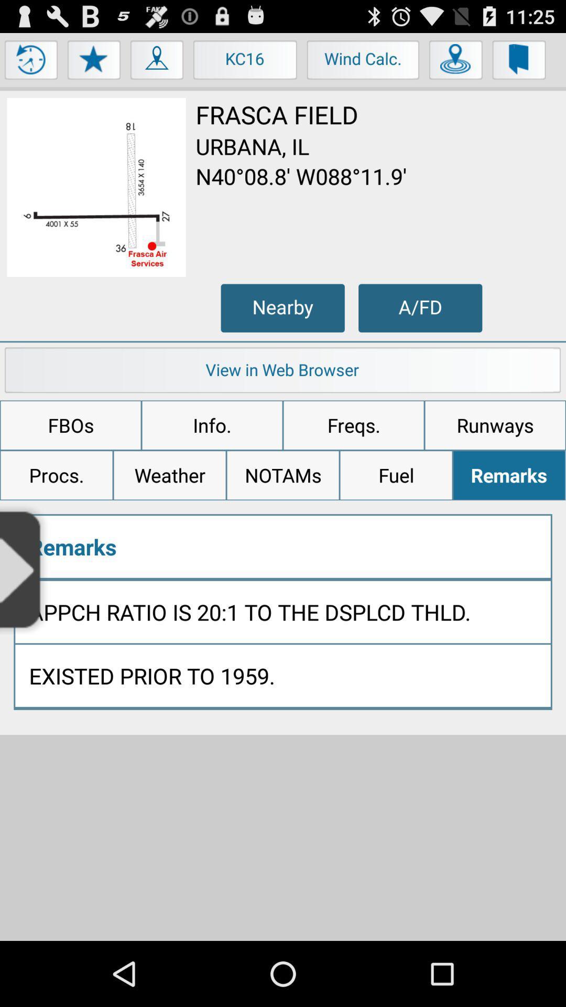  What do you see at coordinates (455, 62) in the screenshot?
I see `location icon` at bounding box center [455, 62].